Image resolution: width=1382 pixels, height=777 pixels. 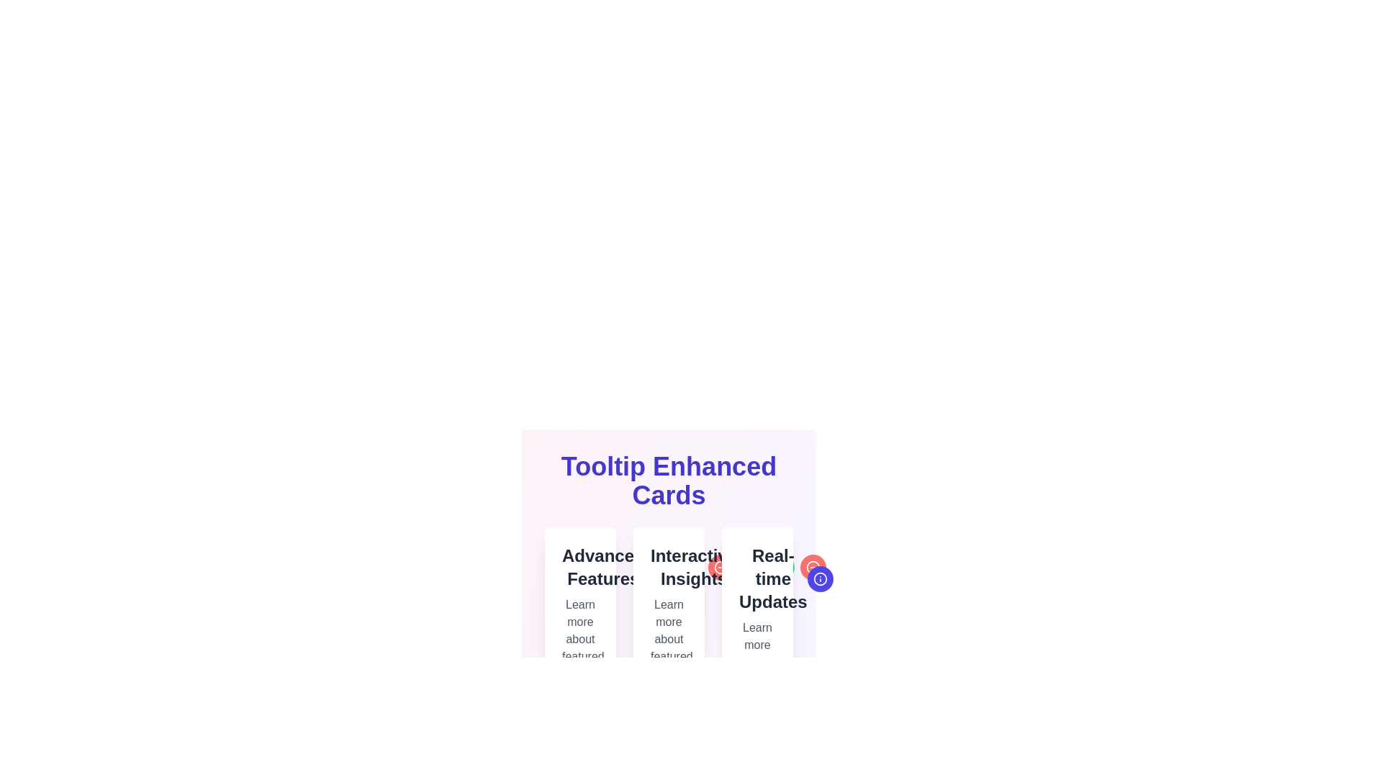 What do you see at coordinates (668, 481) in the screenshot?
I see `the Text header indicating the subject matter 'Tooltip Enhanced Cards', which is centrally located at the top of the content area` at bounding box center [668, 481].